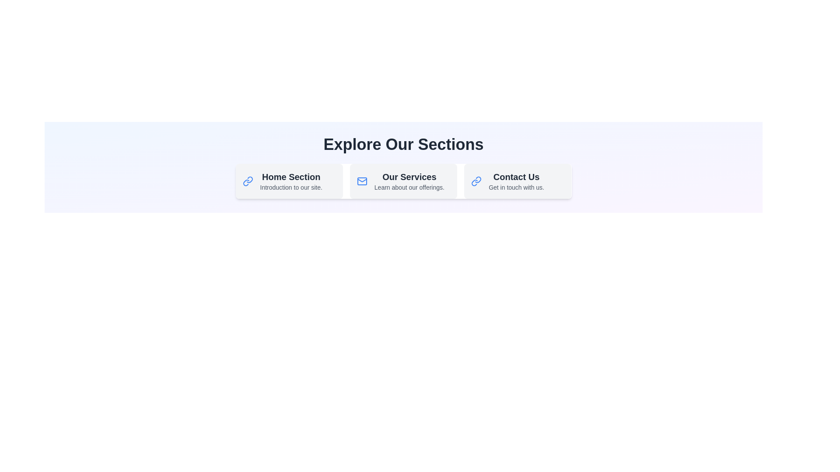  What do you see at coordinates (516, 177) in the screenshot?
I see `the bold header text 'Contact Us' located at the top of the 'Contact Us' section, visually distinct with a larger font size and dark gray color` at bounding box center [516, 177].